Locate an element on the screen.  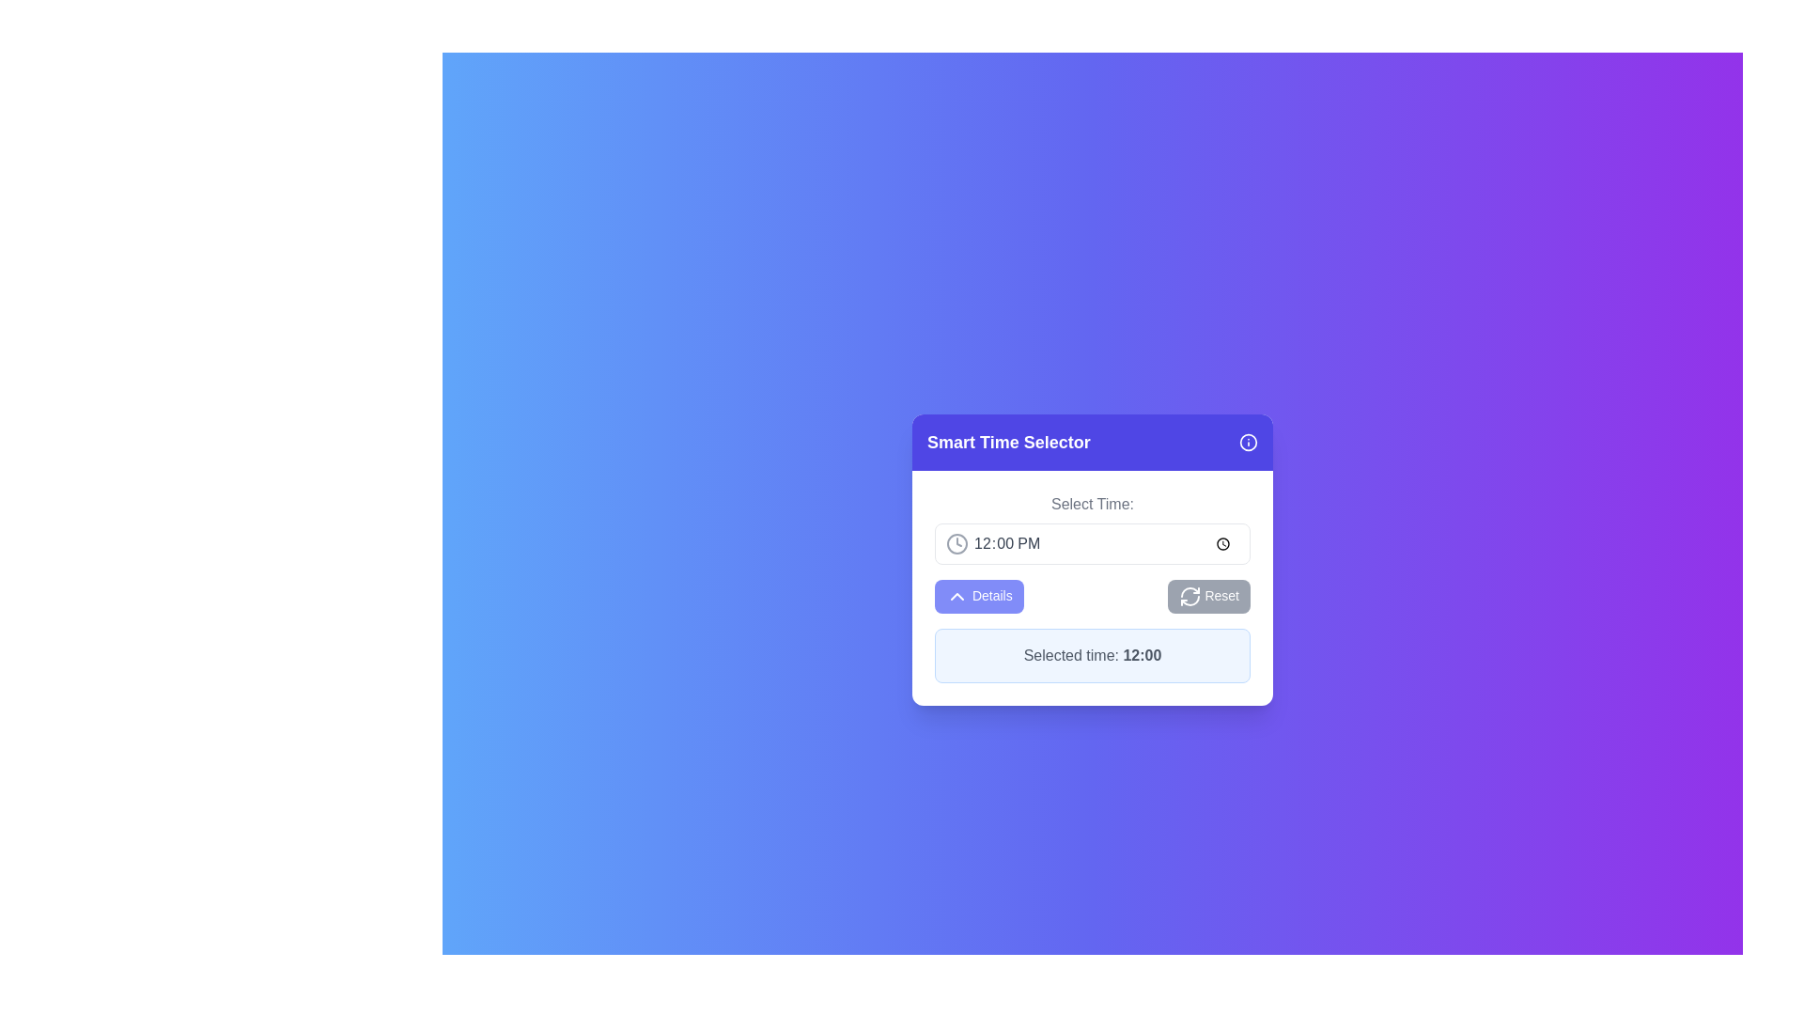
the circular arrow icon within the 'Reset' button, which is styled with a gray fill and is associated with a refresh action is located at coordinates (1189, 597).